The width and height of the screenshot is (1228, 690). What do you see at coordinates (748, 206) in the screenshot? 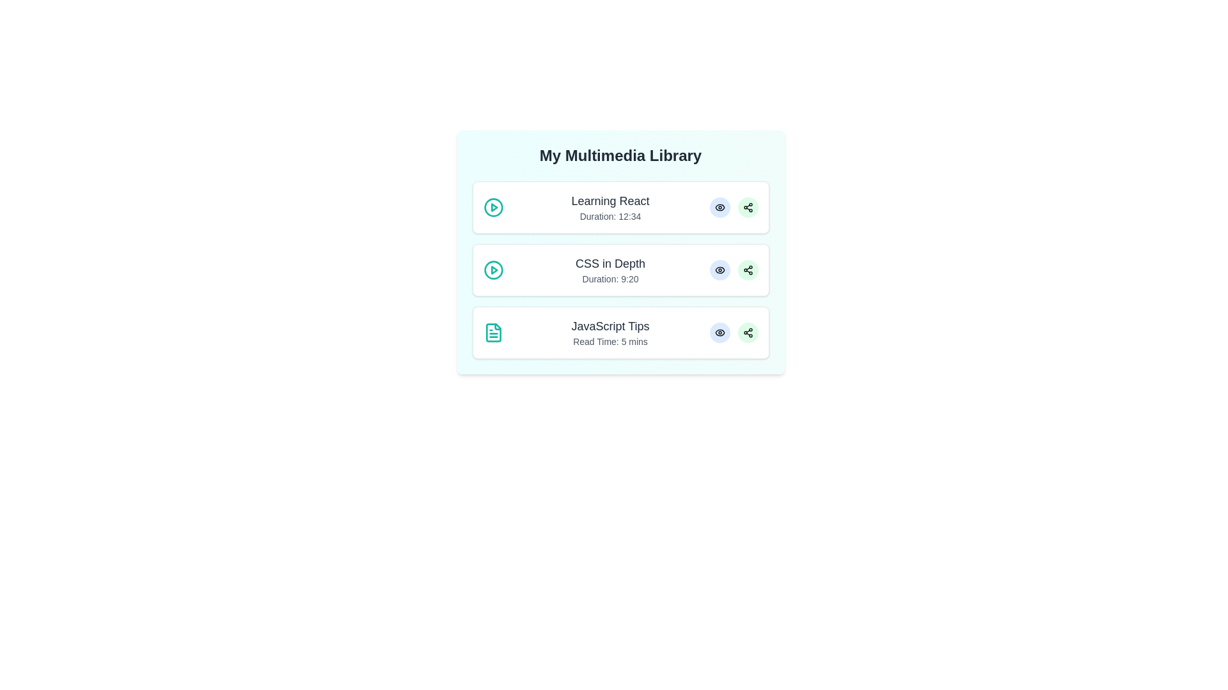
I see `share button for the media item titled Learning React` at bounding box center [748, 206].